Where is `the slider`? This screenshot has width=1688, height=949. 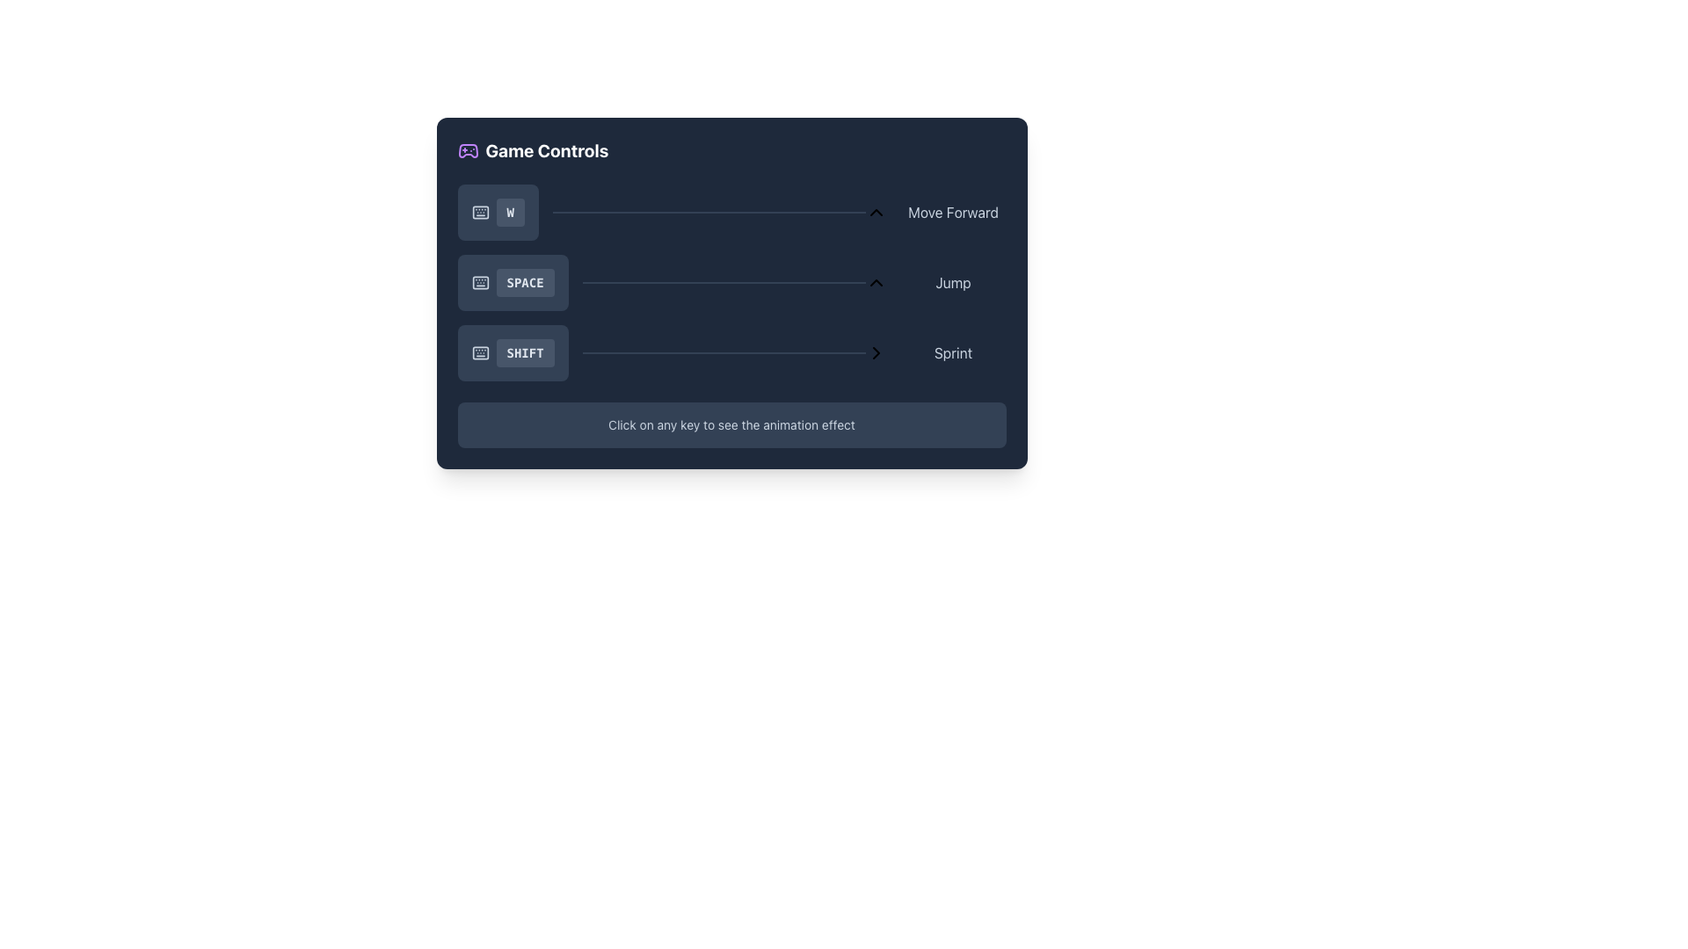
the slider is located at coordinates (622, 212).